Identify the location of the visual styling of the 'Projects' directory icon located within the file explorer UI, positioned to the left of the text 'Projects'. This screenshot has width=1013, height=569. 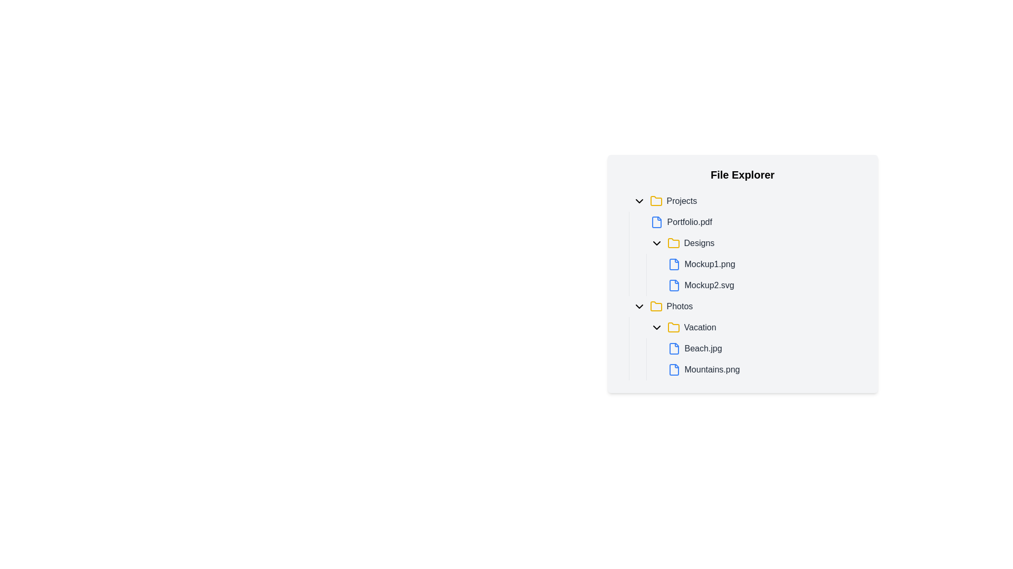
(655, 201).